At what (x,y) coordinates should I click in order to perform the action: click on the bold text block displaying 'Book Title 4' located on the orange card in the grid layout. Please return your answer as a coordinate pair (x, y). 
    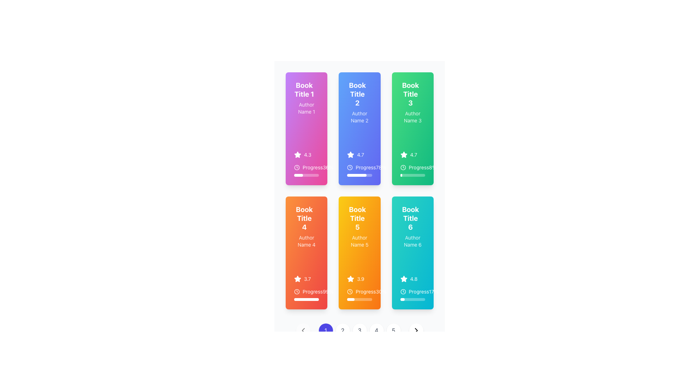
    Looking at the image, I should click on (304, 218).